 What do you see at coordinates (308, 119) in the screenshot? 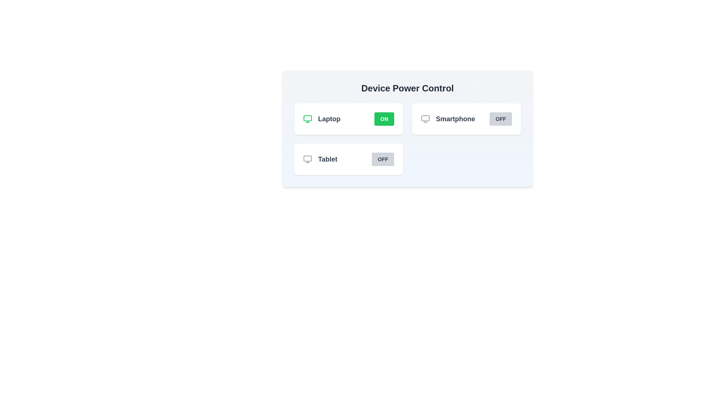
I see `the icon associated with Laptop` at bounding box center [308, 119].